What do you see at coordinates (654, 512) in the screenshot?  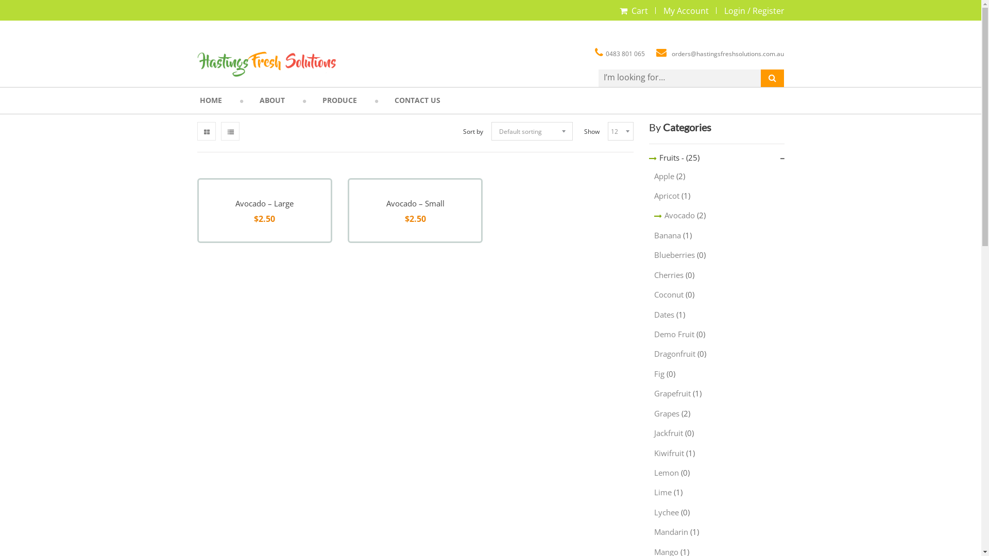 I see `'Lychee'` at bounding box center [654, 512].